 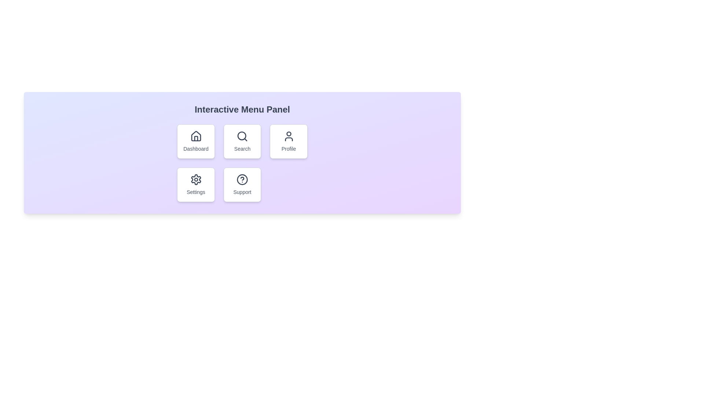 I want to click on the text label displaying 'Dashboard', which is styled in gray and positioned below a house icon in the top-left section of the interactive menu panel grid, so click(x=196, y=148).